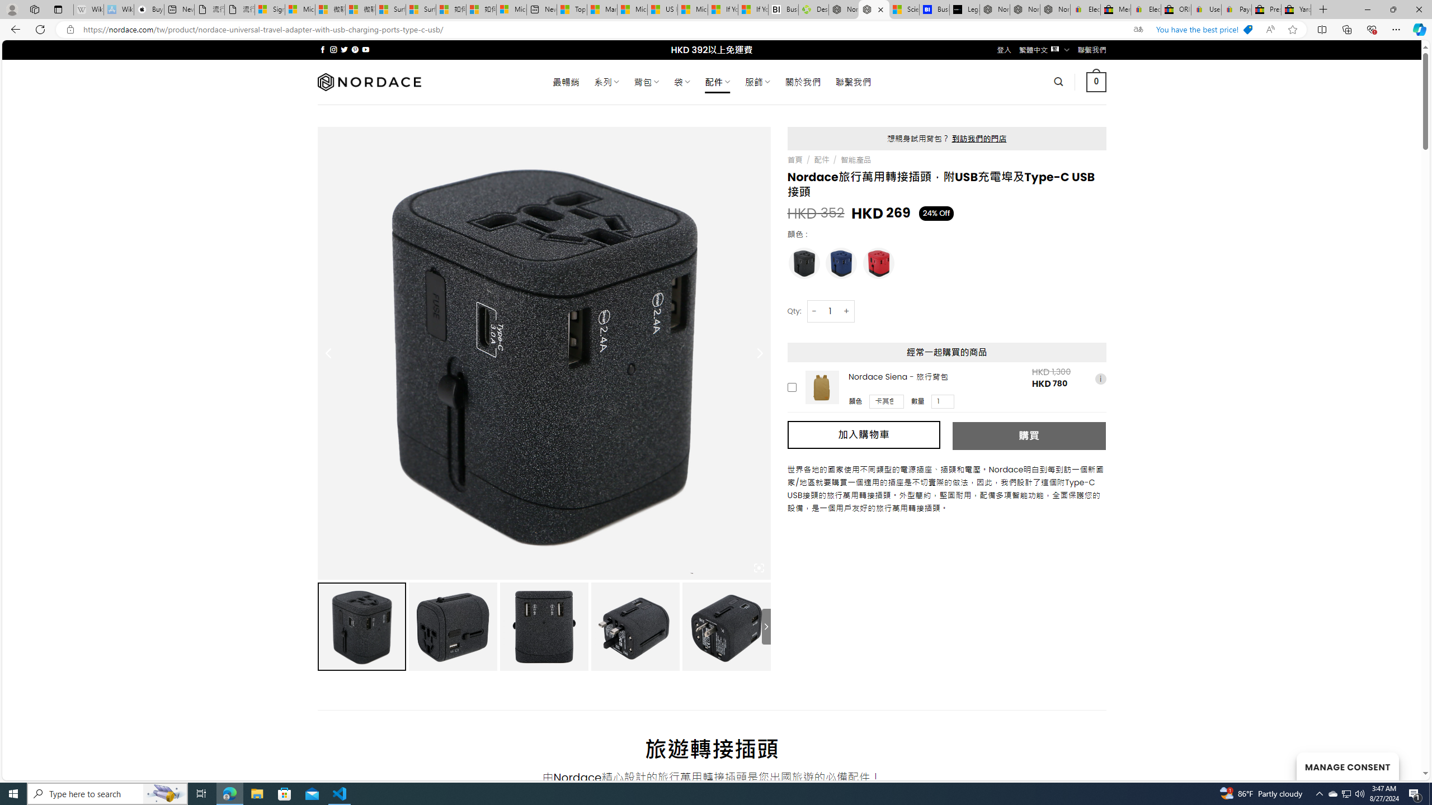 The image size is (1432, 805). I want to click on '-', so click(814, 310).